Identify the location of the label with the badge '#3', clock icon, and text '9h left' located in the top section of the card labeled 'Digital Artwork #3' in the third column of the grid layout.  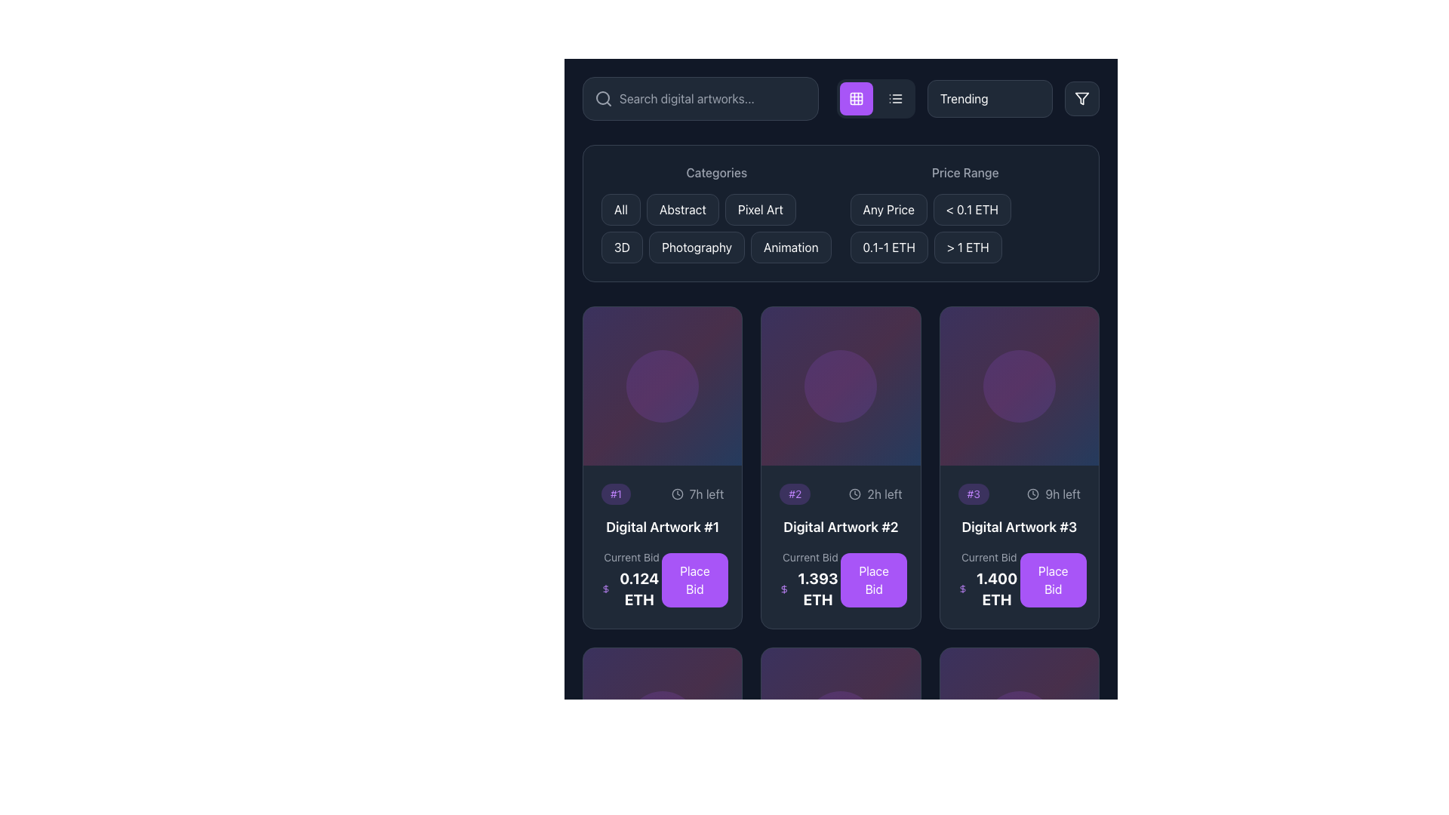
(1019, 494).